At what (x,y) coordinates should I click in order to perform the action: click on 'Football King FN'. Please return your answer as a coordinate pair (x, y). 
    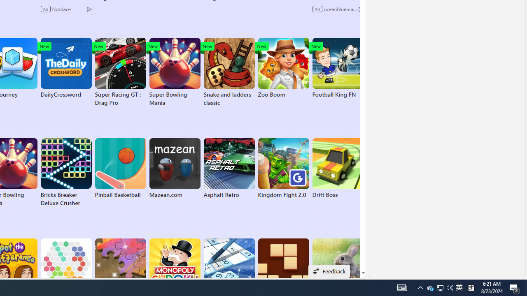
    Looking at the image, I should click on (338, 67).